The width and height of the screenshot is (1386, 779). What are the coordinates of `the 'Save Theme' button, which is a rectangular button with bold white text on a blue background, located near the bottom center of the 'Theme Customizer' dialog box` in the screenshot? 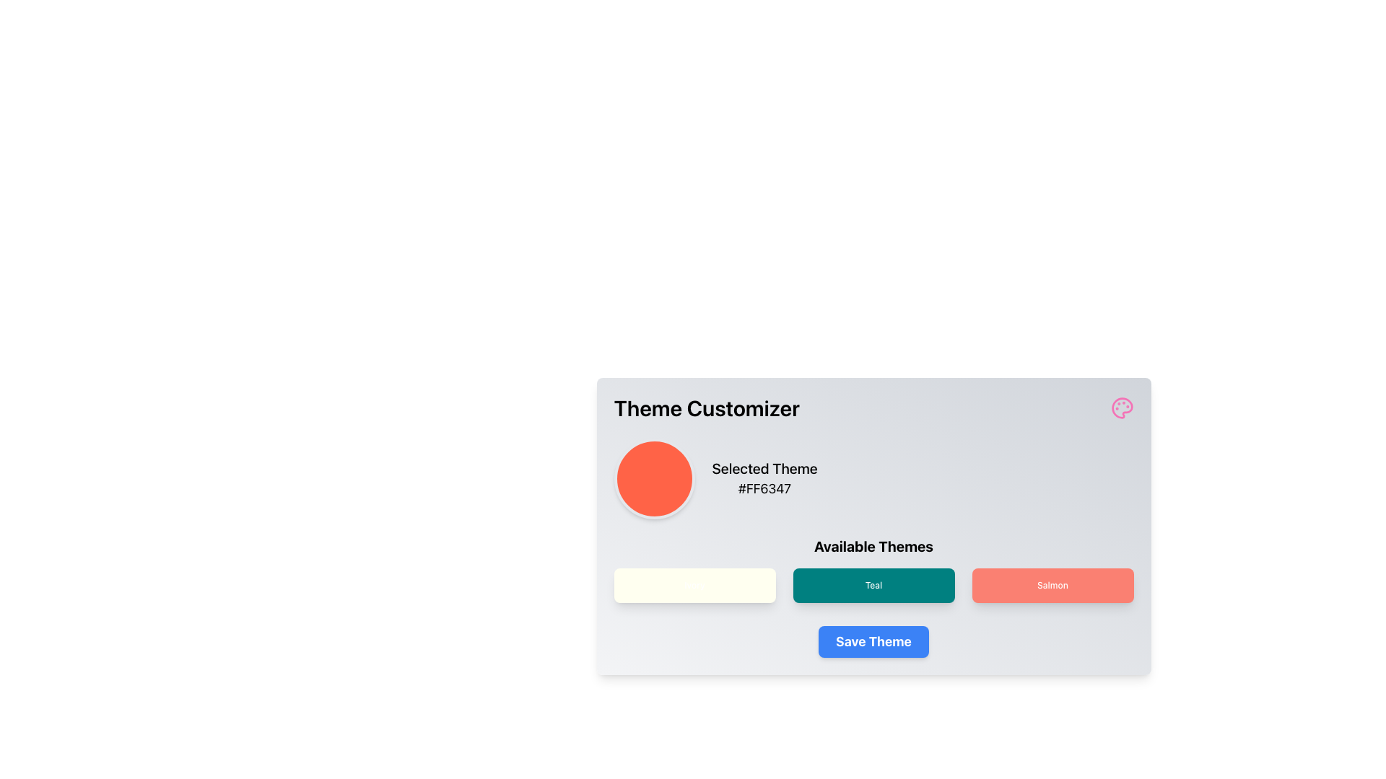 It's located at (873, 641).